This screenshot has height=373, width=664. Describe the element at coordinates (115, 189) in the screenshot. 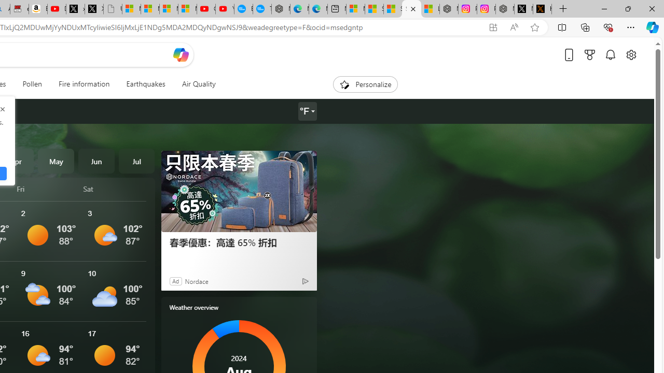

I see `'Sat'` at that location.